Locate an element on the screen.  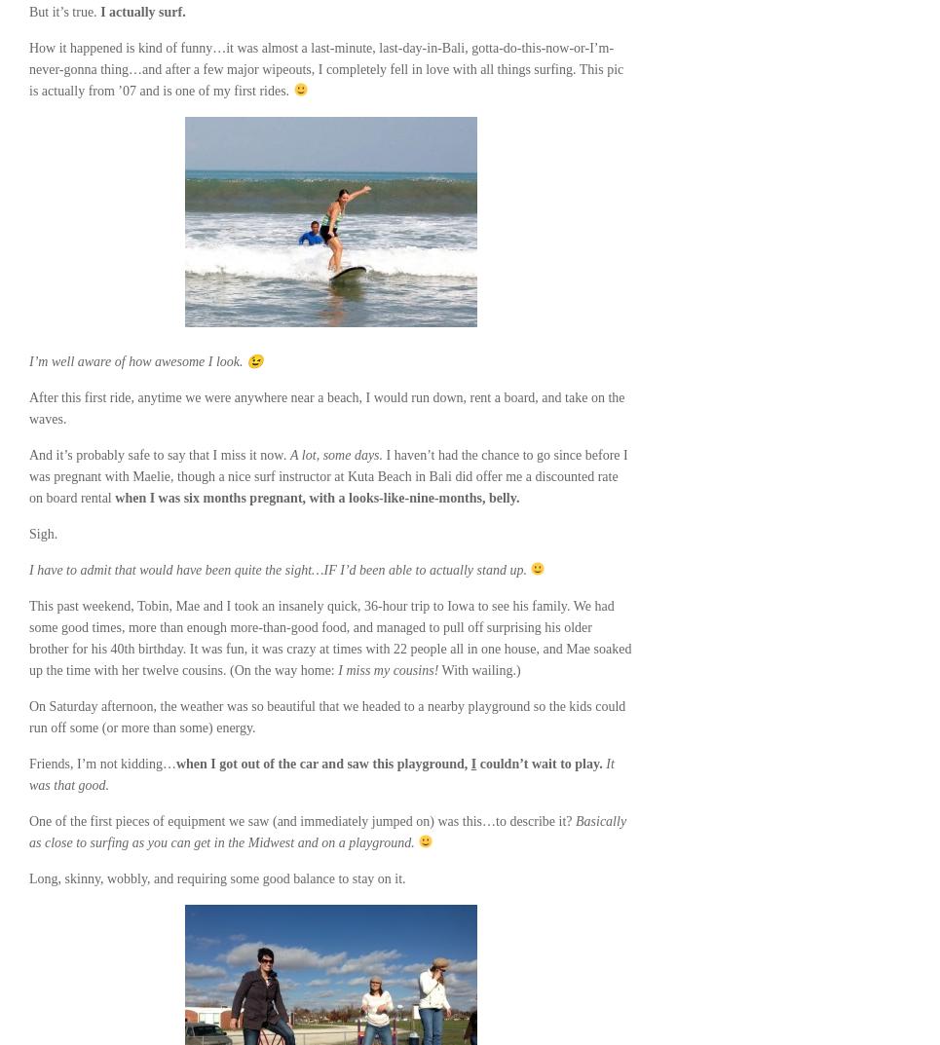
'I miss my cousins!' is located at coordinates (387, 670).